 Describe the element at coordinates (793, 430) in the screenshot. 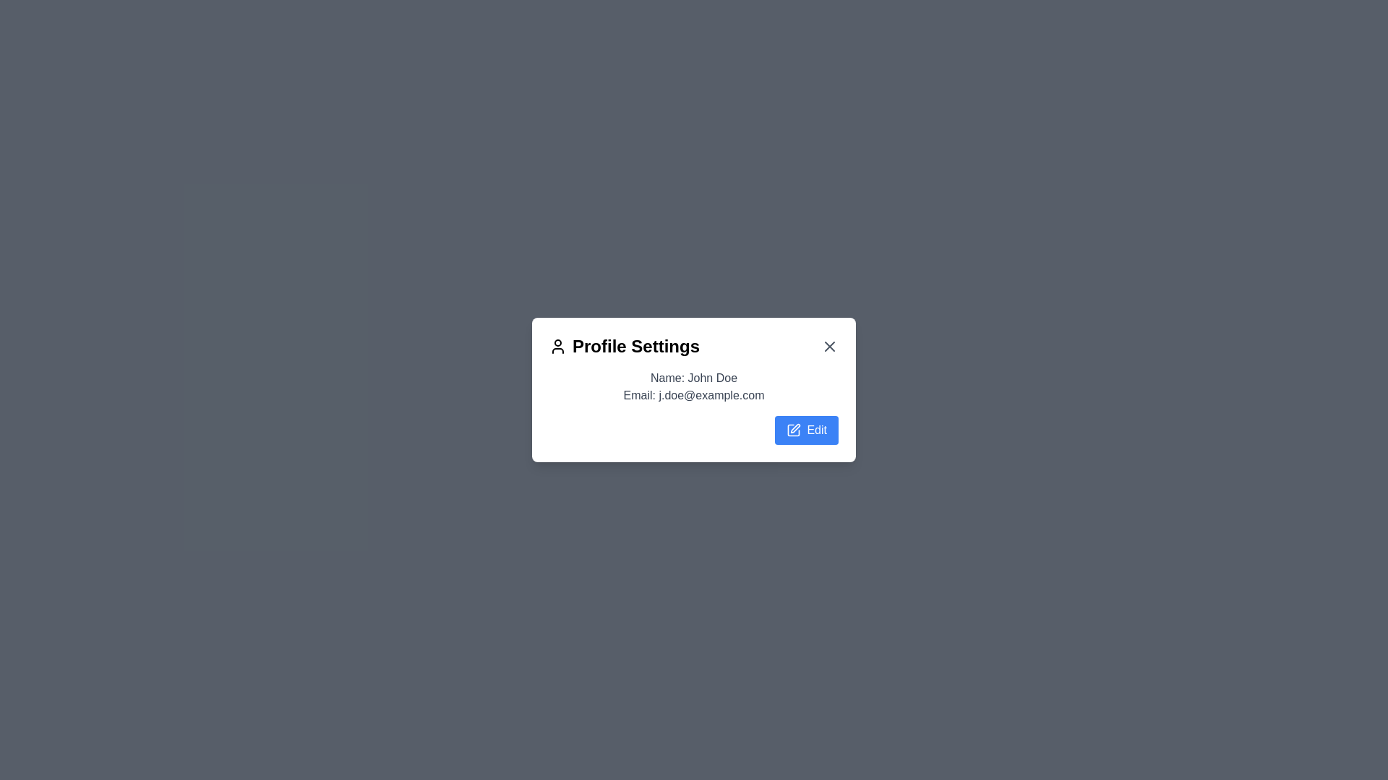

I see `the 'Edit' button icon, which serves as a visual indicator for editing Profile Settings` at that location.